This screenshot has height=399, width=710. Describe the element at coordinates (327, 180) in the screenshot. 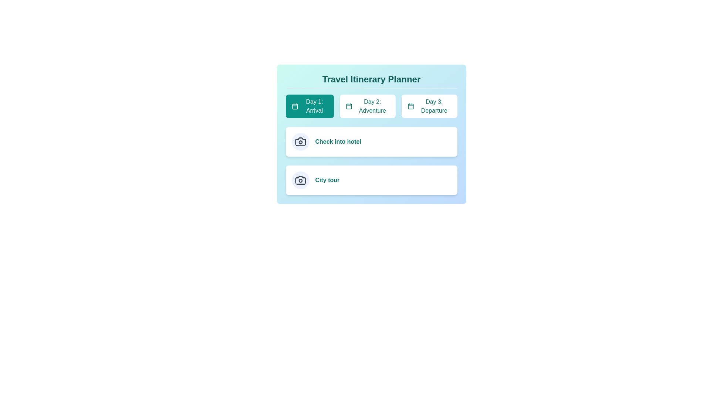

I see `the activity City tour to focus on it` at that location.